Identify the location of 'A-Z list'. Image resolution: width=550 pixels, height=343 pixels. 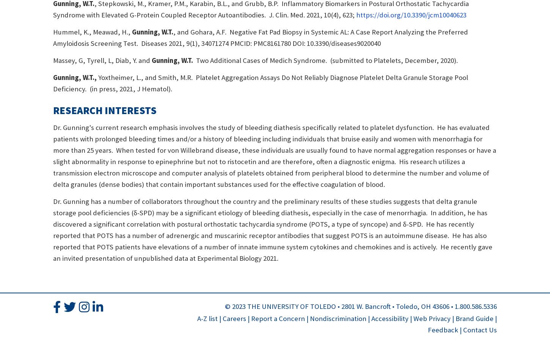
(207, 318).